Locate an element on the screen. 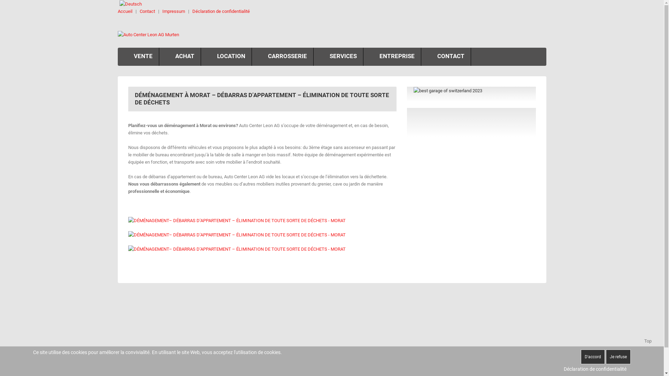 This screenshot has height=376, width=669. 'Impressum' is located at coordinates (174, 11).